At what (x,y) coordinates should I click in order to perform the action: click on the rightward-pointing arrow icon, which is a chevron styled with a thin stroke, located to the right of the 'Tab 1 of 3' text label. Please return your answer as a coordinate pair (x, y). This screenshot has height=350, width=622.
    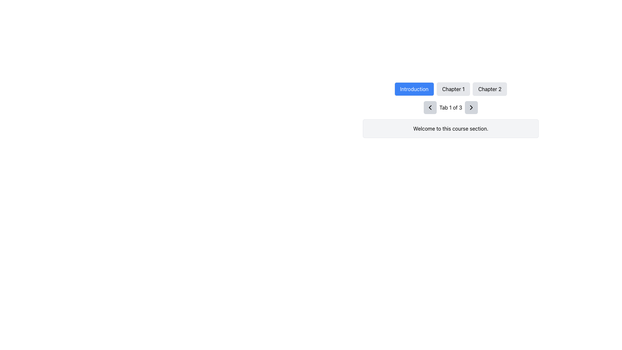
    Looking at the image, I should click on (471, 107).